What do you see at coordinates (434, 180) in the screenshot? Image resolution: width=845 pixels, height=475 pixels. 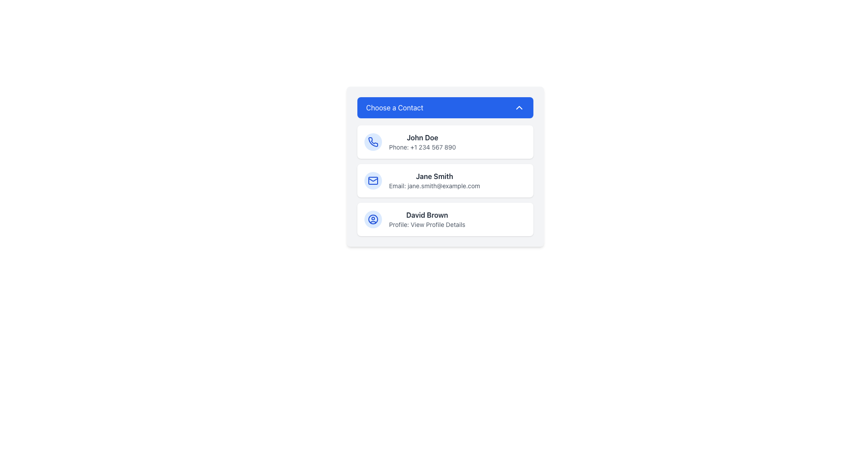 I see `the contact information text block displaying 'Jane Smith' and 'Email: jane.smith@example.com'` at bounding box center [434, 180].